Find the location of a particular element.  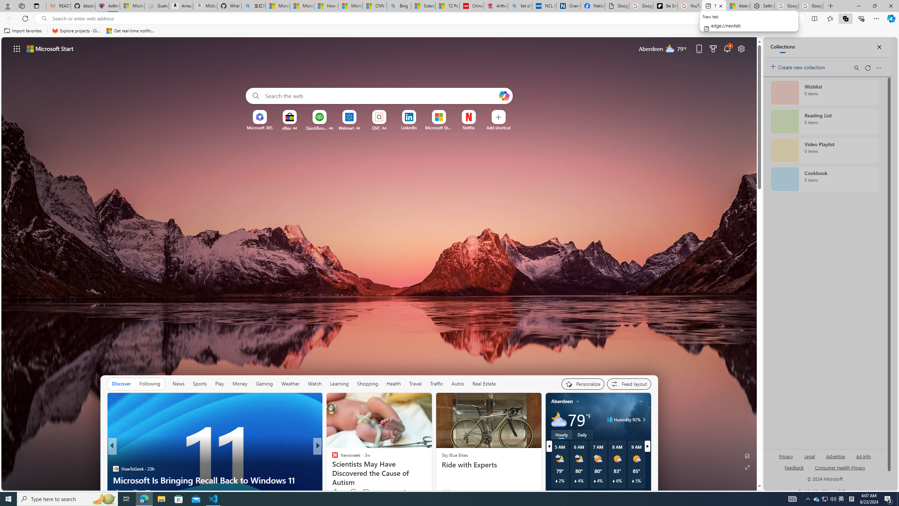

'56 Like' is located at coordinates (335, 492).